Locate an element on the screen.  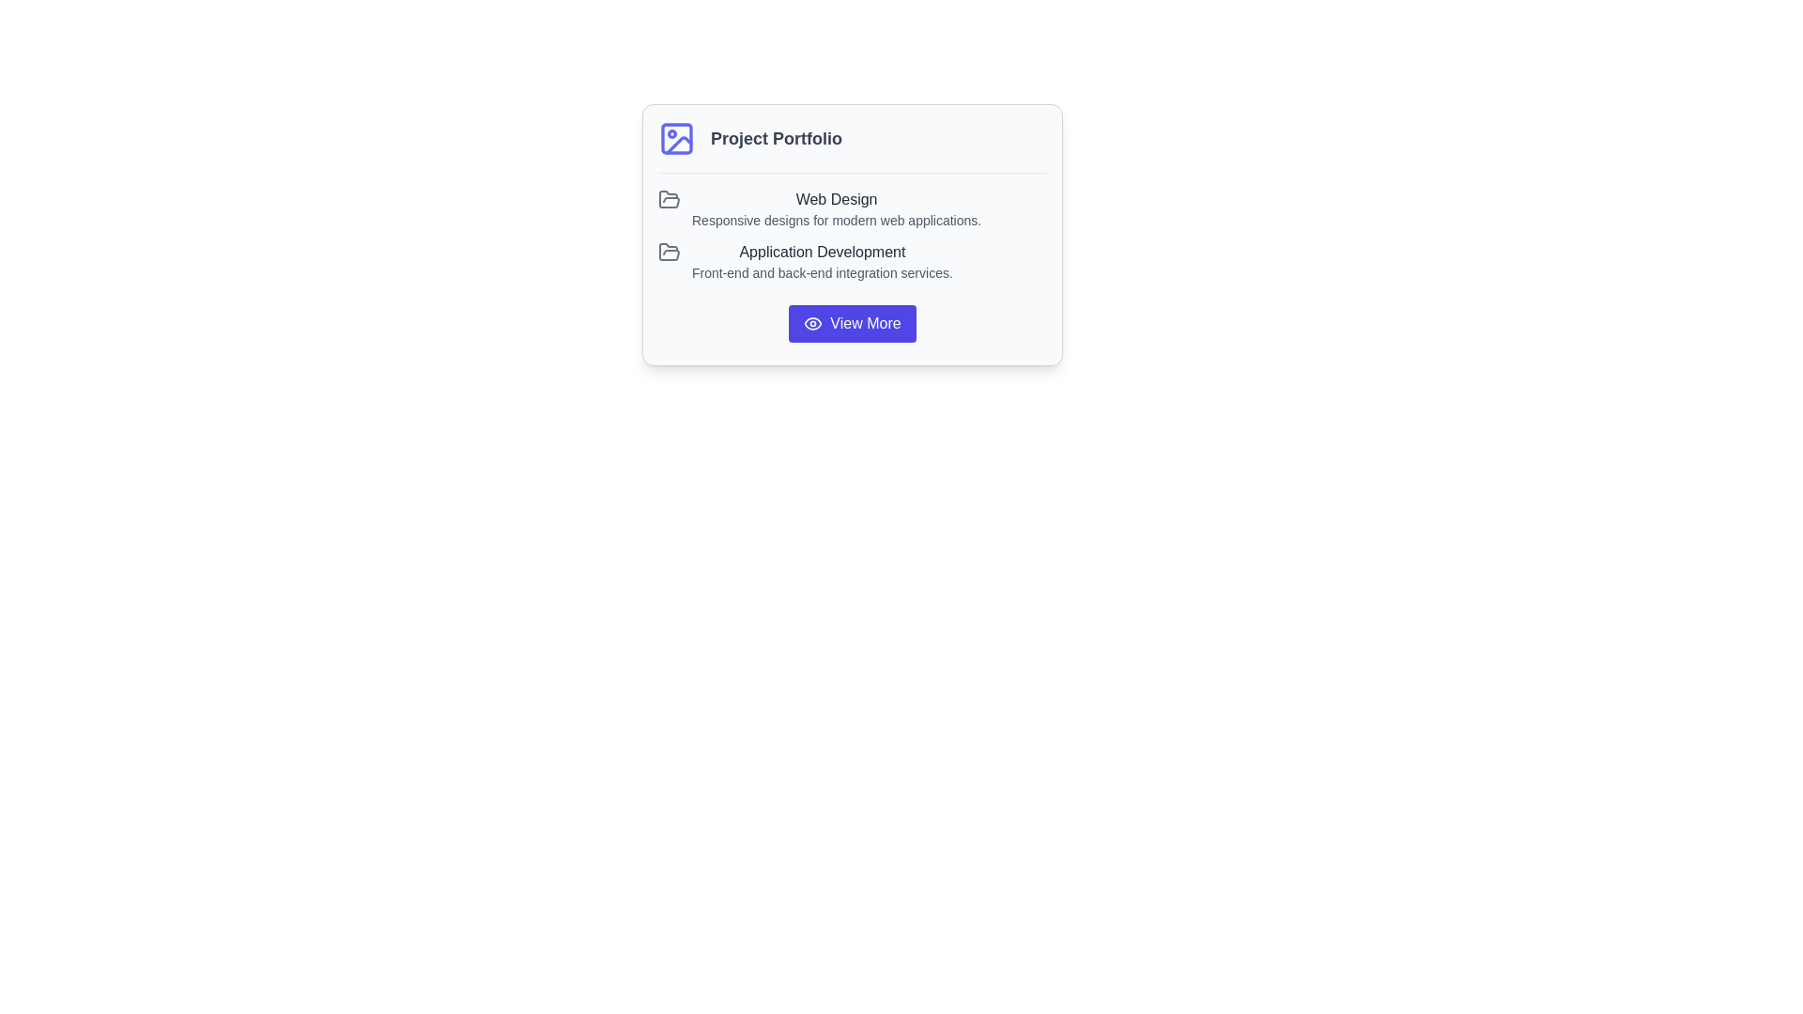
the icon styled as an outline of an eye that is located within the 'View More' button, positioned near the lower right corner of the card interface is located at coordinates (813, 322).